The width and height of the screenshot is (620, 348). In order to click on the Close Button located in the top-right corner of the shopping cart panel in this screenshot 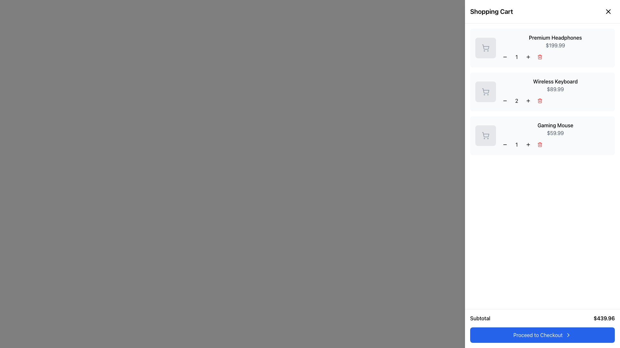, I will do `click(608, 11)`.